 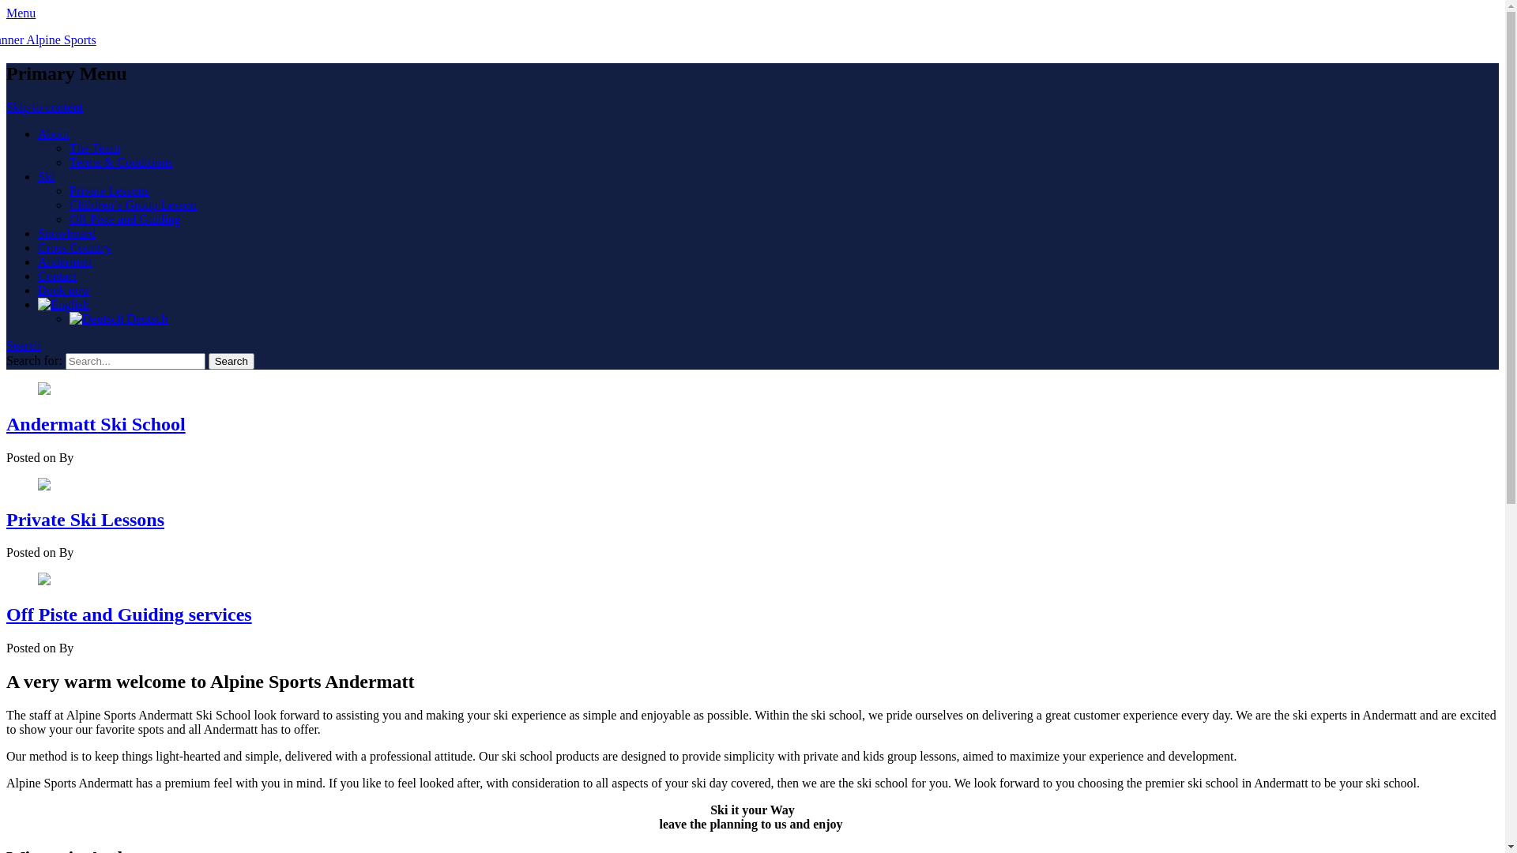 What do you see at coordinates (230, 361) in the screenshot?
I see `'Search'` at bounding box center [230, 361].